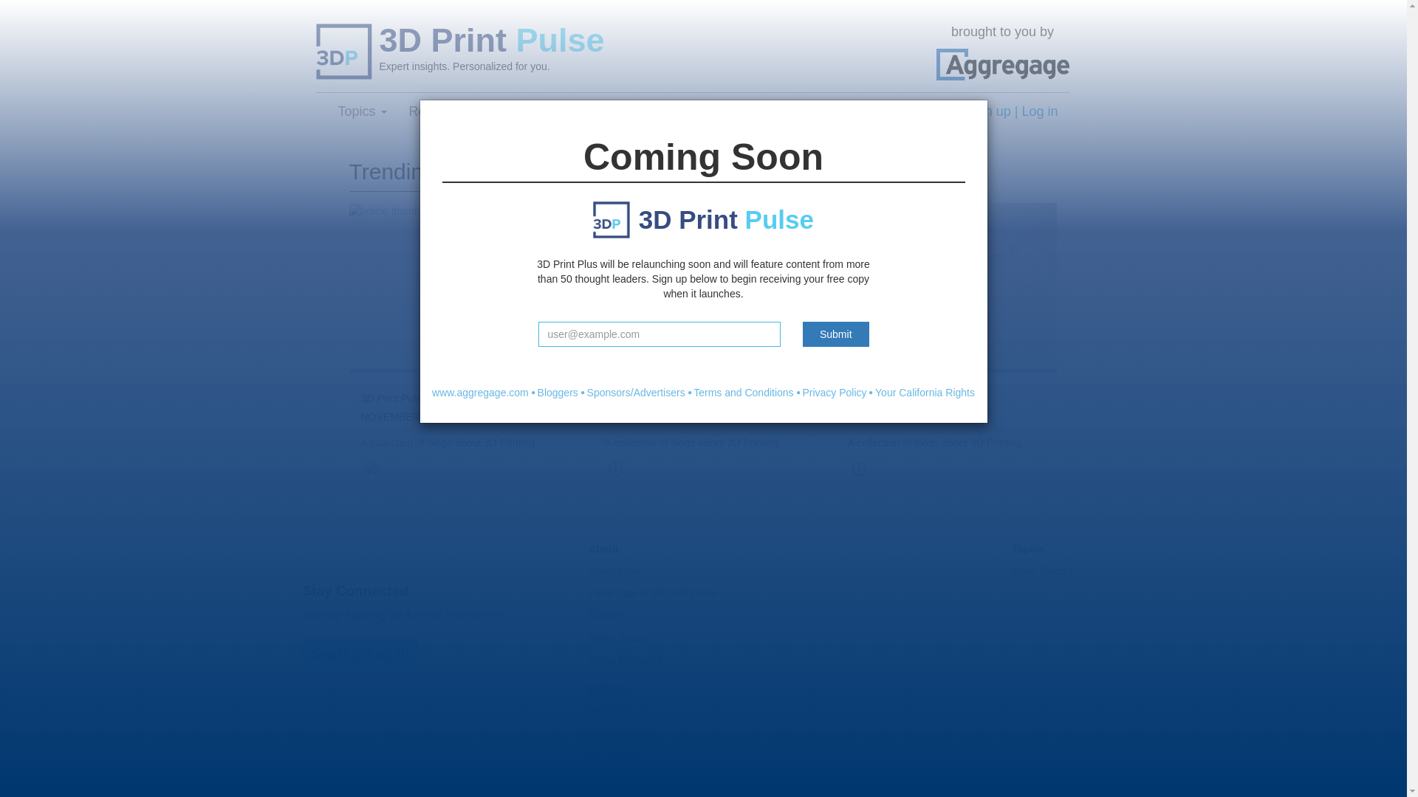 The image size is (1418, 797). Describe the element at coordinates (615, 570) in the screenshot. I see `'Learn More'` at that location.